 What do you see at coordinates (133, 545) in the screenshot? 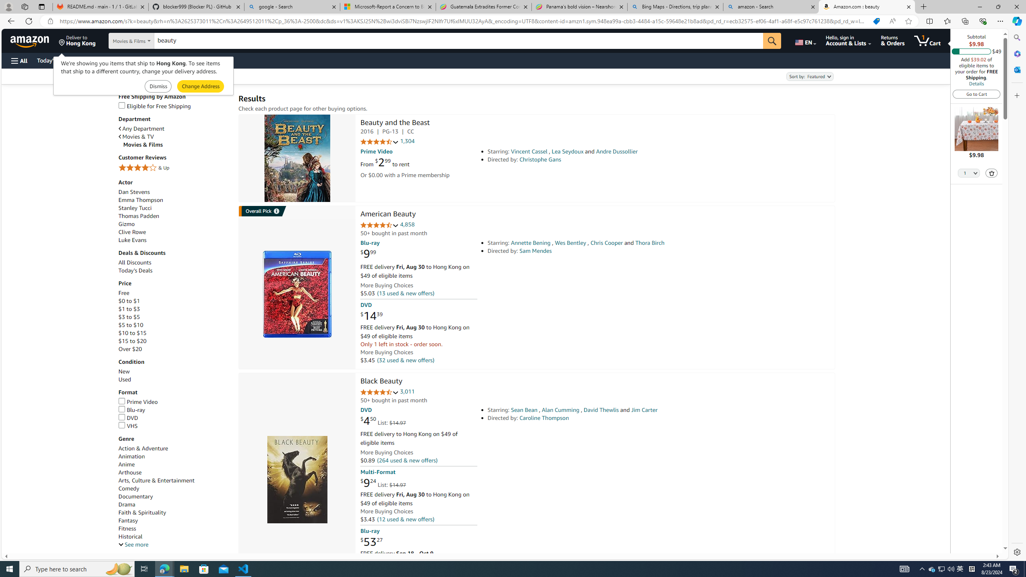
I see `'See more, Genre'` at bounding box center [133, 545].